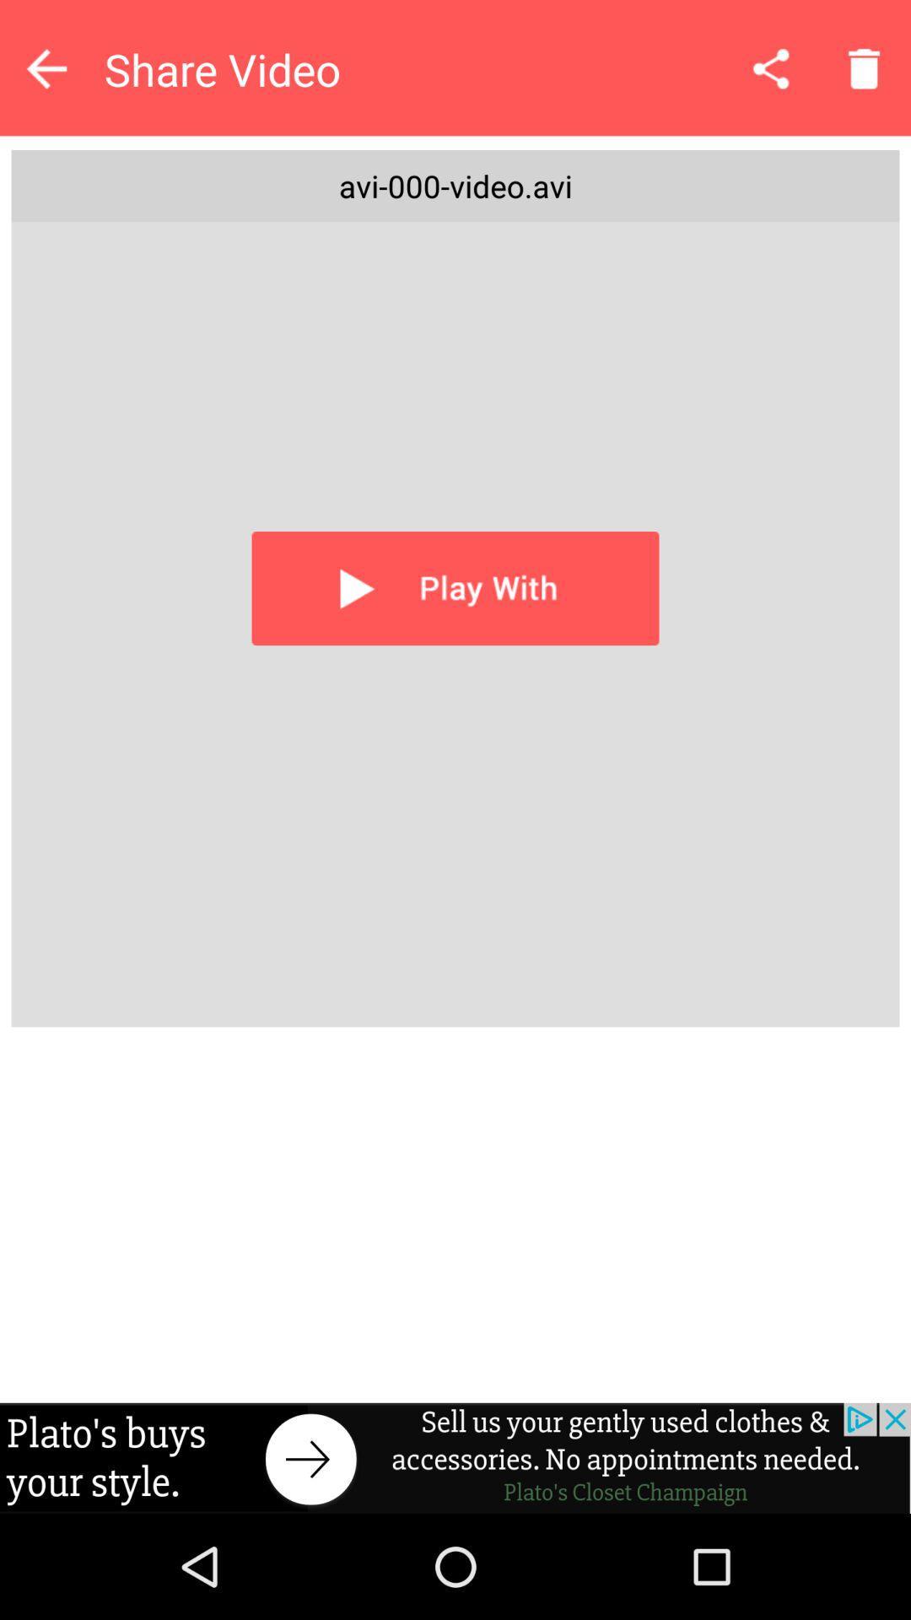  I want to click on share the video, so click(771, 67).